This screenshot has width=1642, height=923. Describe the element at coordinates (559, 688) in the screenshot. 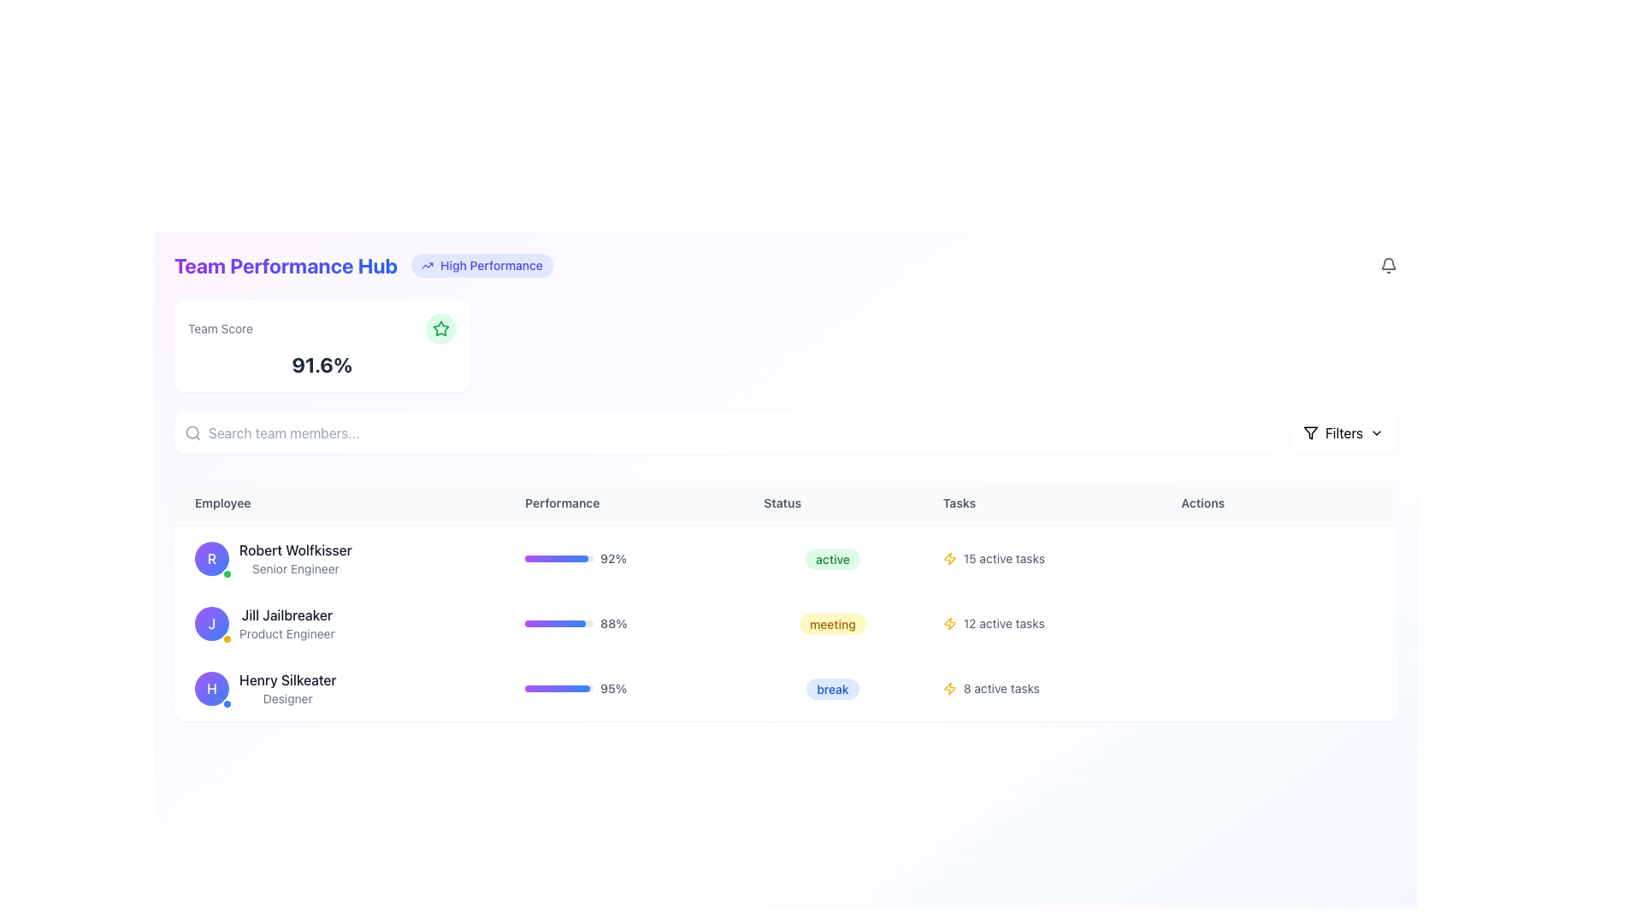

I see `the current state of the progress bar located in the 'Performance' column associated with 'Henry Silkeater', positioned to the left of the text '95%'` at that location.